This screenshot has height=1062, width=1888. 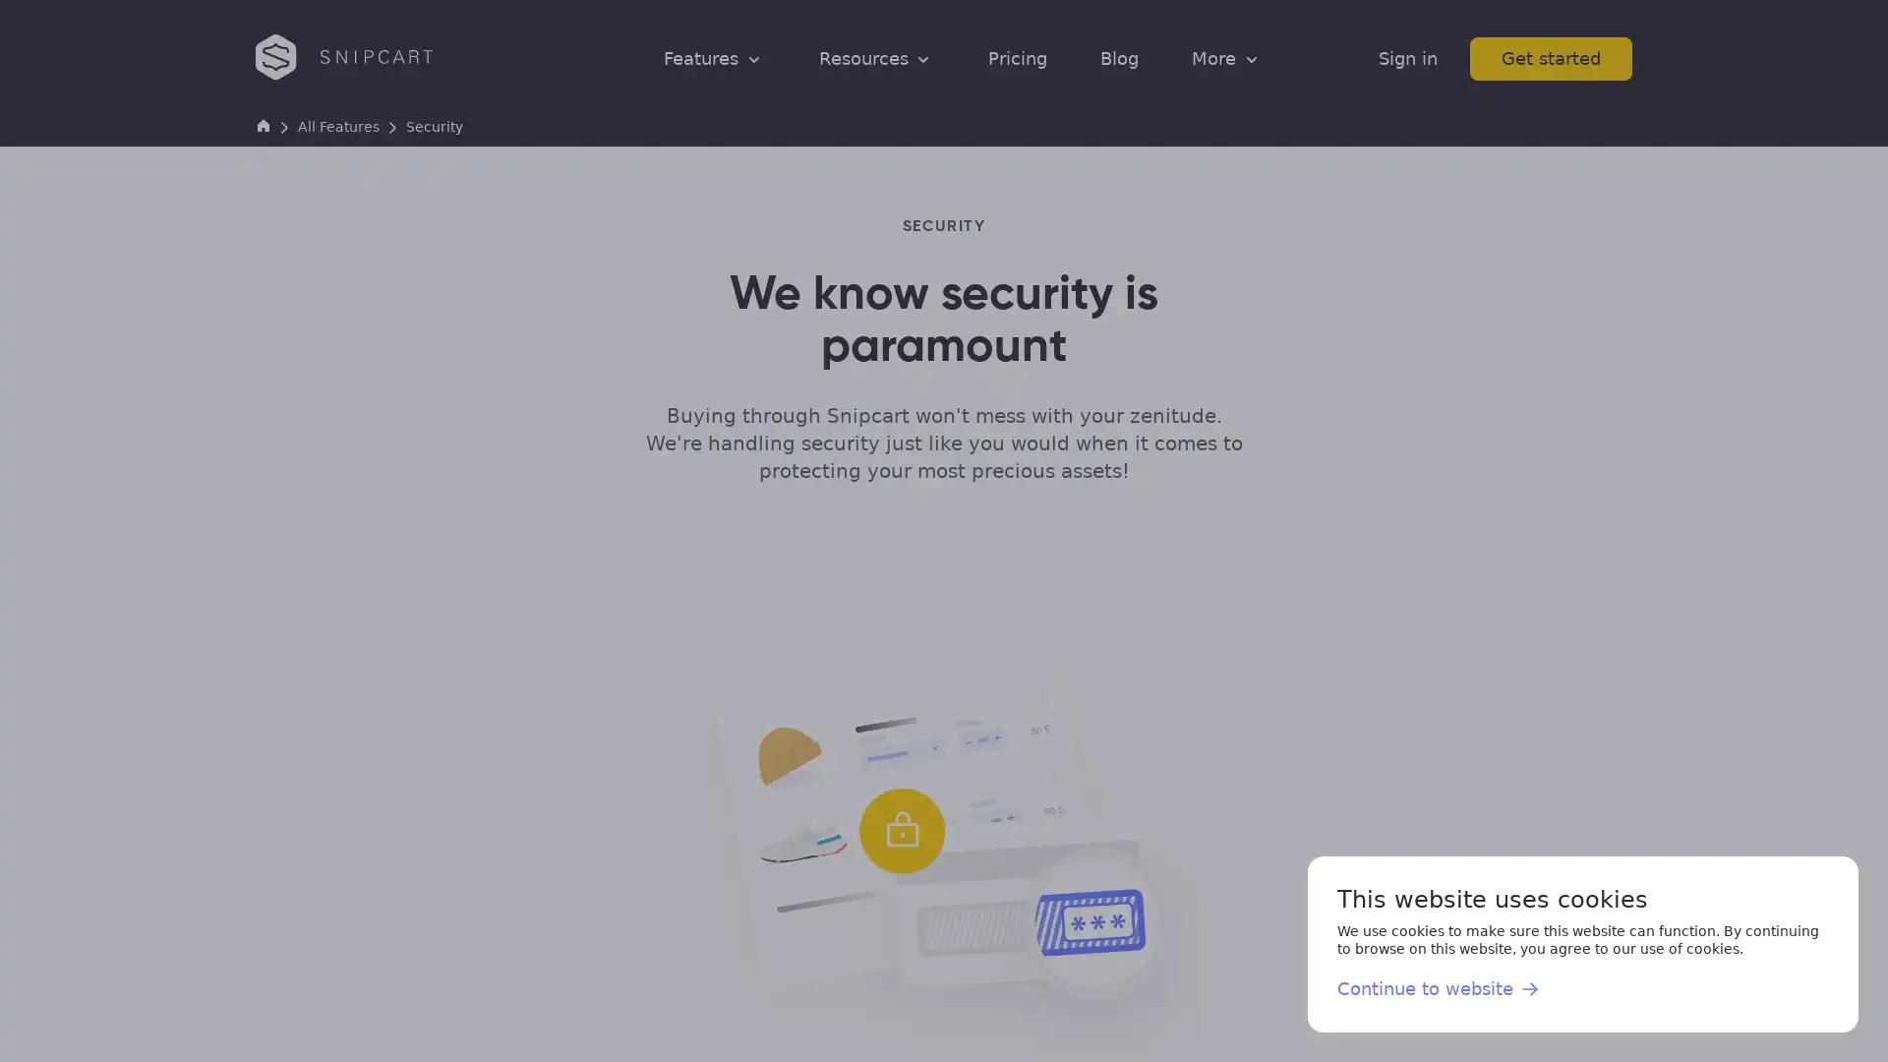 I want to click on Resources, so click(x=875, y=57).